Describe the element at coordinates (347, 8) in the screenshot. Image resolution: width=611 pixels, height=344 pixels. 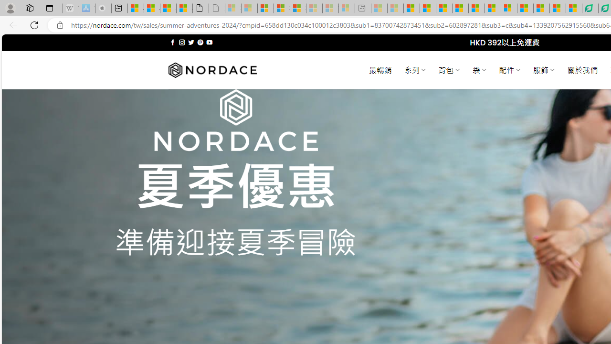
I see `'Microsoft account | Account Checkup - Sleeping'` at that location.